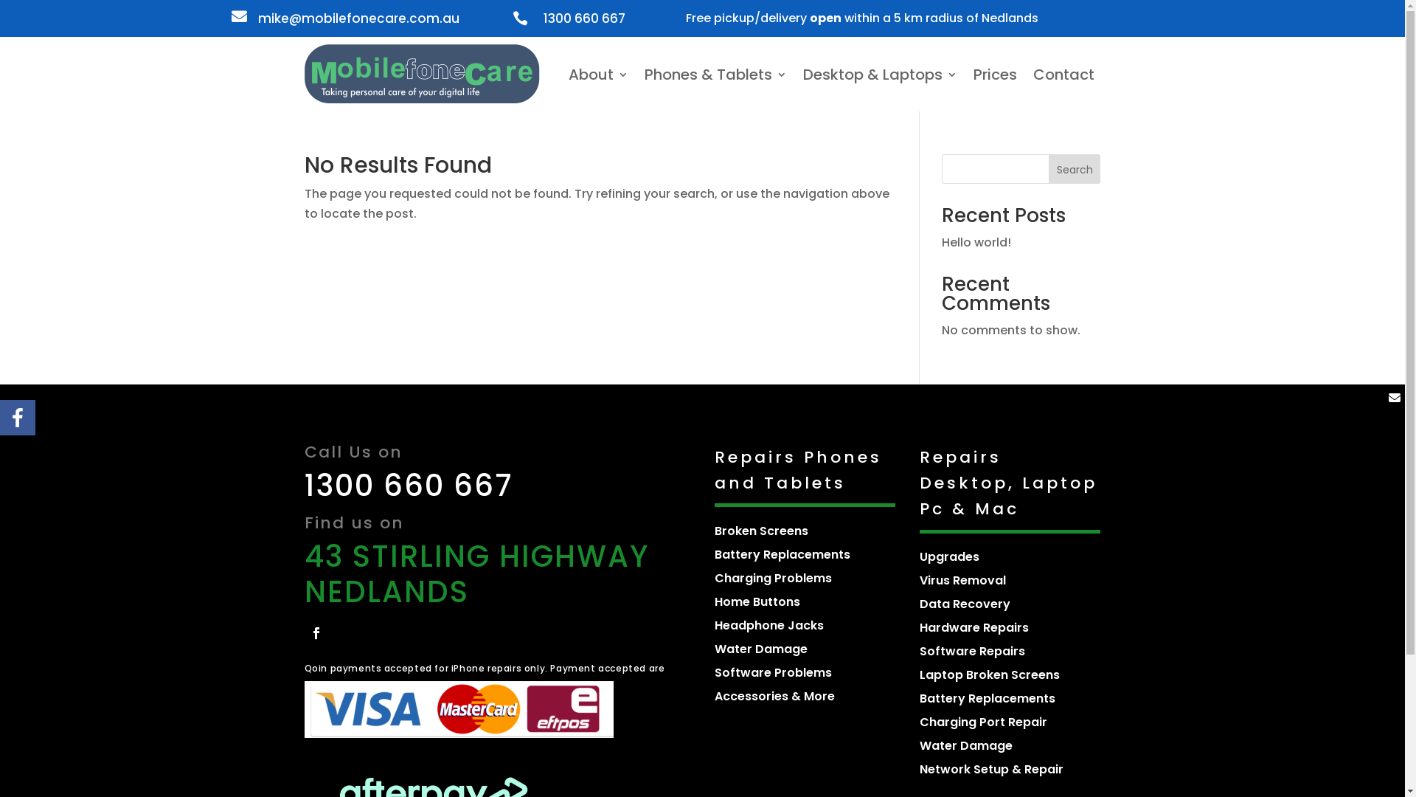 Image resolution: width=1416 pixels, height=797 pixels. I want to click on 'Upgrades', so click(949, 556).